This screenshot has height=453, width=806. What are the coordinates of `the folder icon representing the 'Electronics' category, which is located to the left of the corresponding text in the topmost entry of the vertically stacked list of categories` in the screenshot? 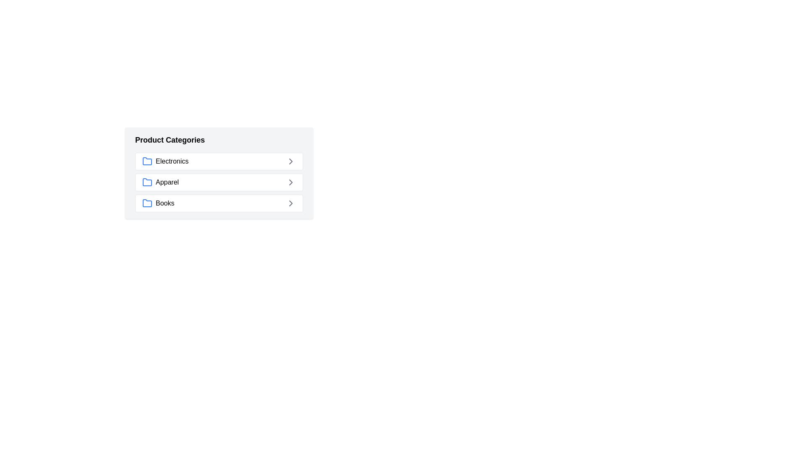 It's located at (147, 161).